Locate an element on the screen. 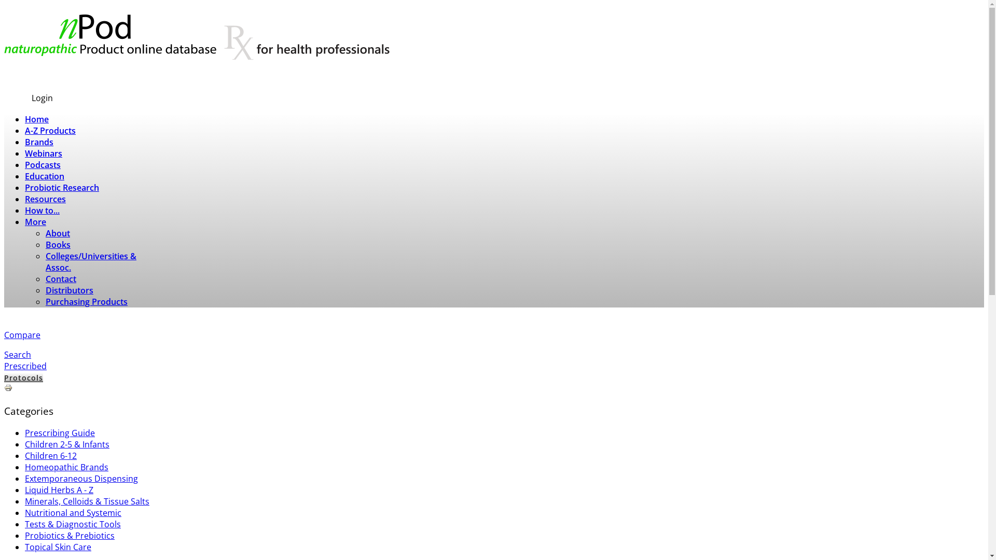 This screenshot has height=560, width=996. 'Protocols' is located at coordinates (23, 377).